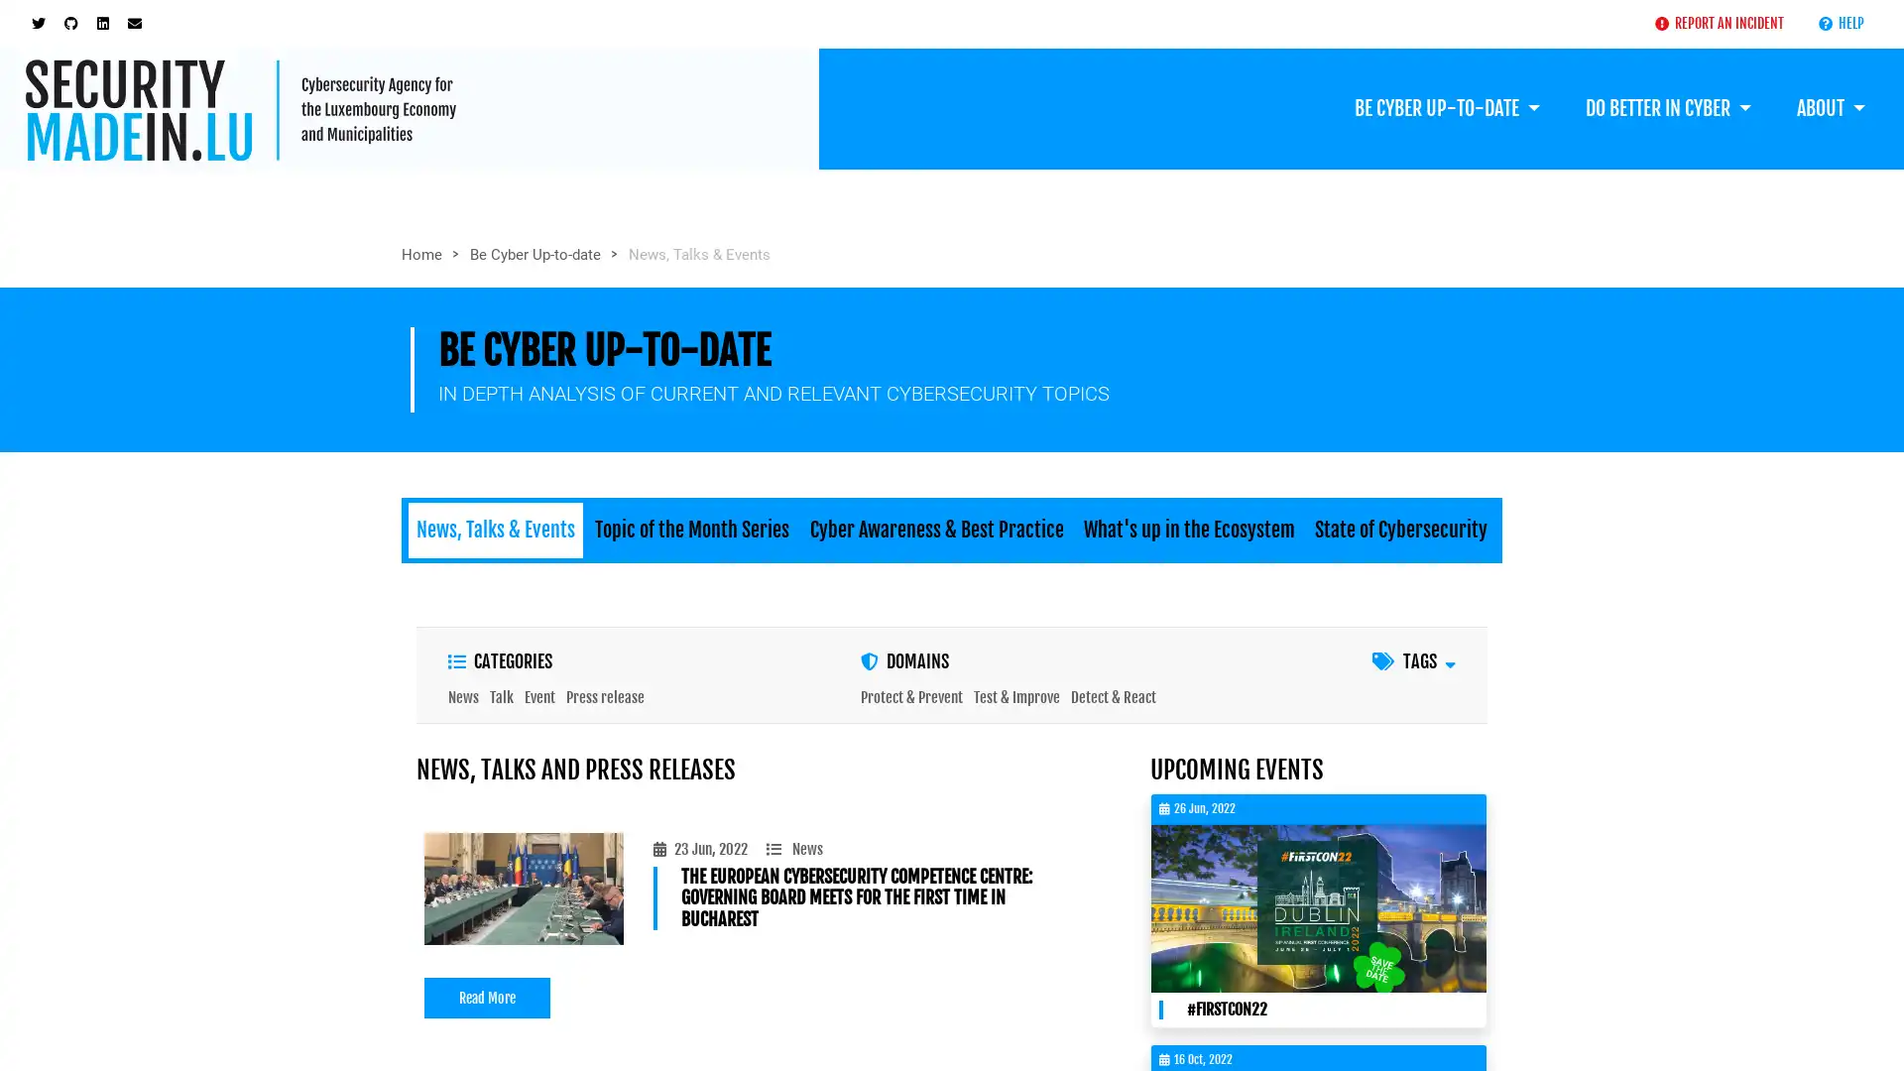  What do you see at coordinates (1830, 107) in the screenshot?
I see `ABOUT` at bounding box center [1830, 107].